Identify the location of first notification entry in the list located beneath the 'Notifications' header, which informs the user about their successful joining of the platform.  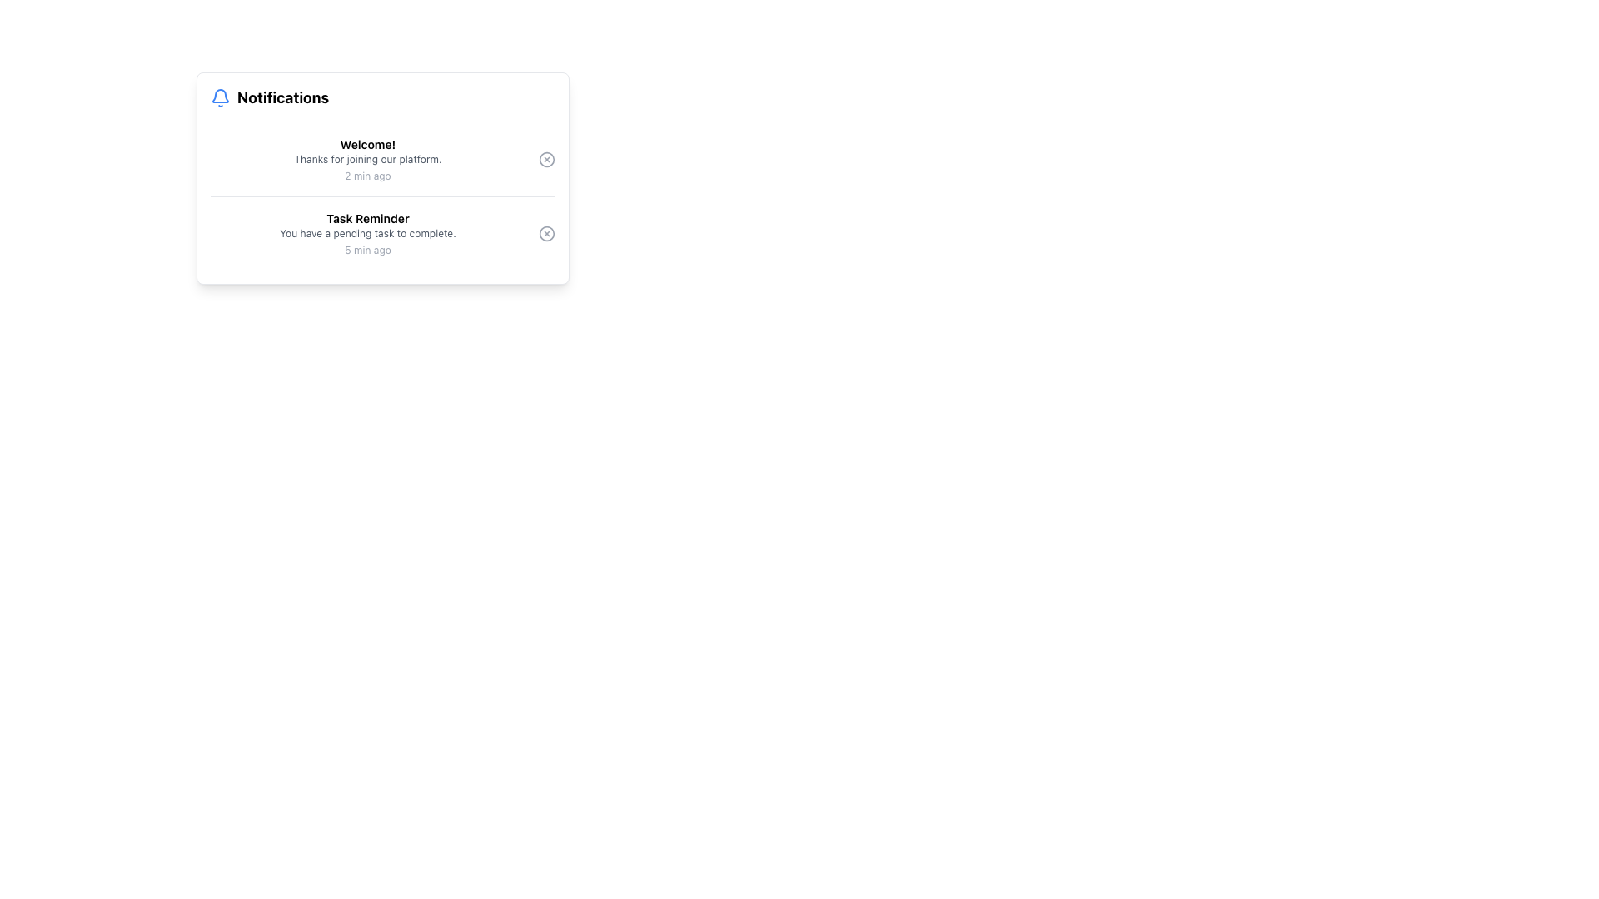
(382, 160).